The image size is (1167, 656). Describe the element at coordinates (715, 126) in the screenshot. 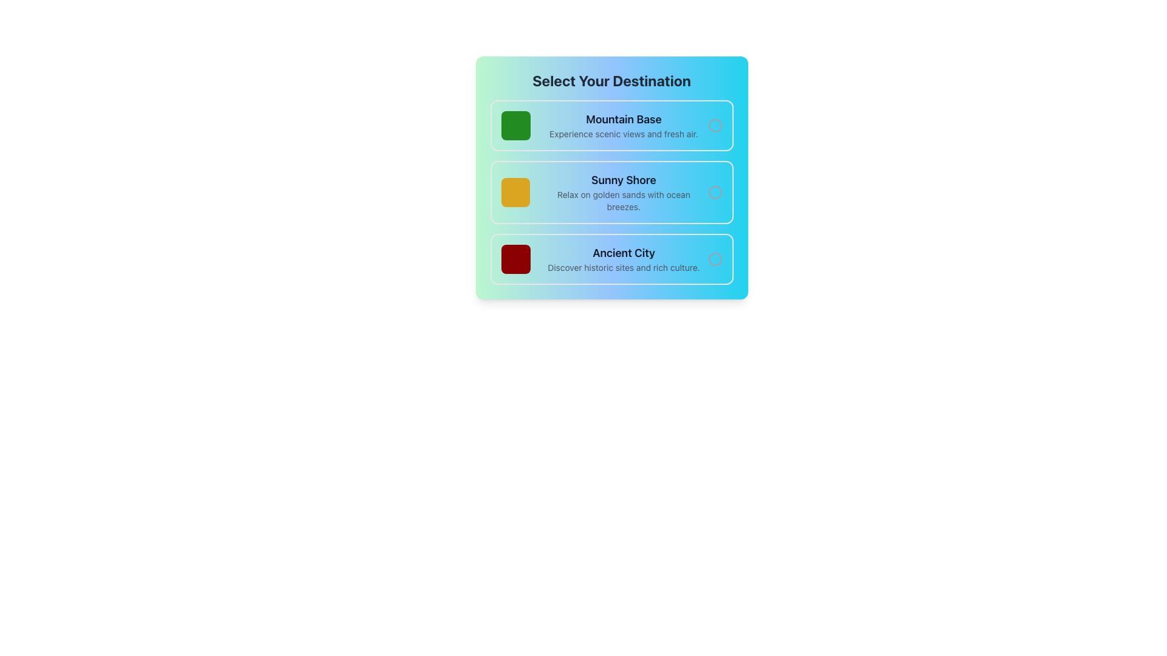

I see `the circular radio button for 'Mountain Base' located to the far right in the first row under the heading 'Select Your Destination.'` at that location.